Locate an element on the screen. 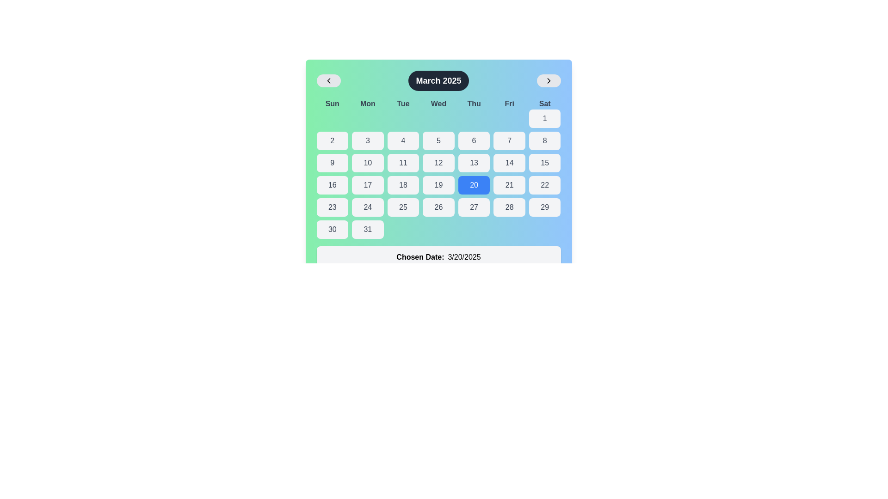 Image resolution: width=888 pixels, height=499 pixels. the rounded rectangular button displaying the number '7' in the first row, sixth column of the calendar grid is located at coordinates (509, 140).